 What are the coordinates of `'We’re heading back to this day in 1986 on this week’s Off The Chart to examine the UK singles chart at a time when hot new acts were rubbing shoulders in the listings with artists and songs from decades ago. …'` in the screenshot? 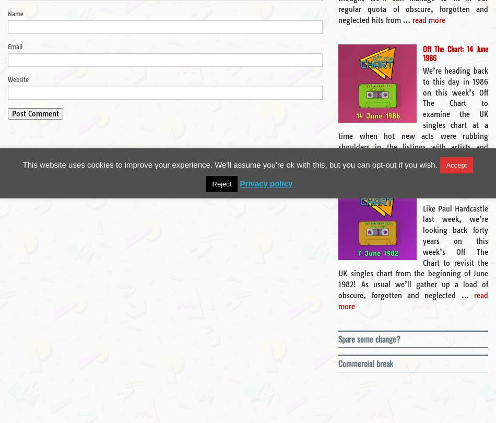 It's located at (412, 114).